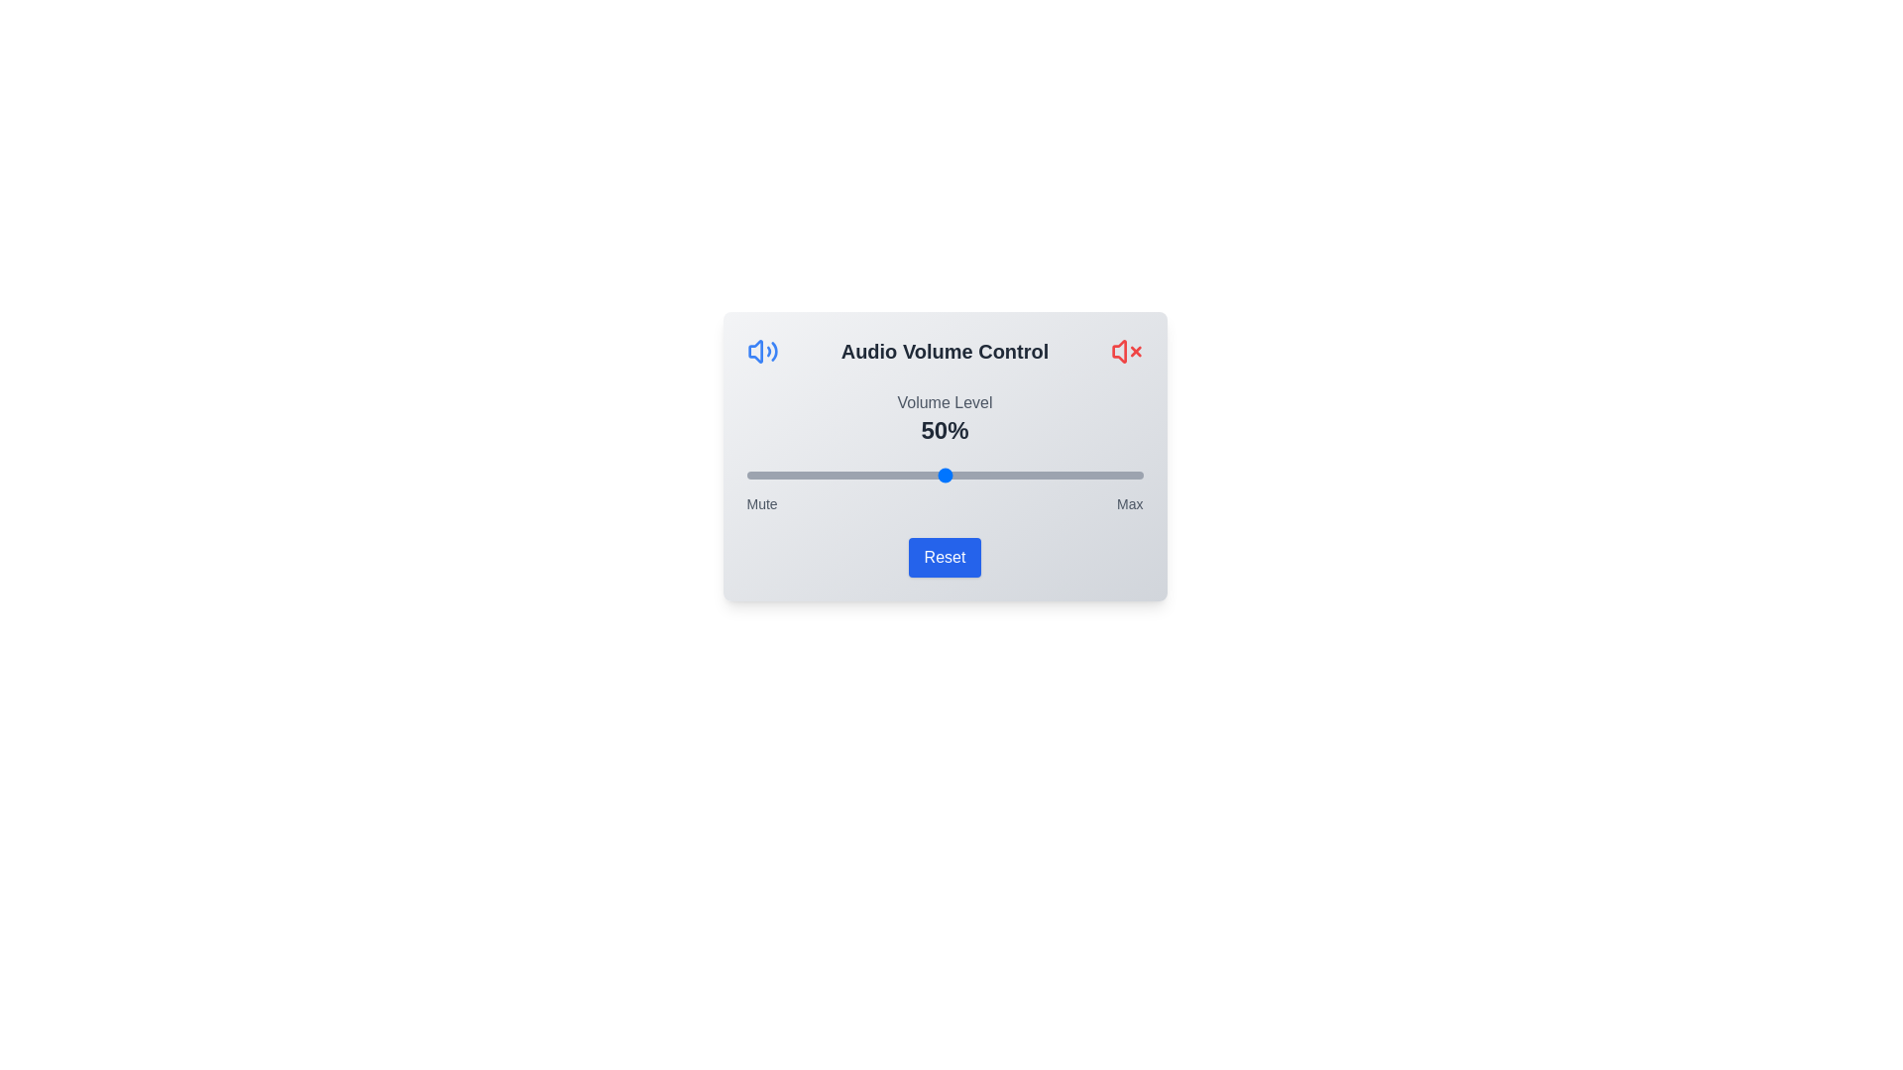 The height and width of the screenshot is (1070, 1903). What do you see at coordinates (757, 475) in the screenshot?
I see `the volume slider to 3%` at bounding box center [757, 475].